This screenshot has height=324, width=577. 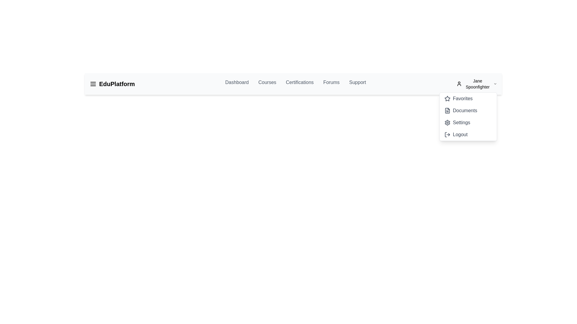 I want to click on the five-point star icon with a hollow center and dark outline located in the dropdown menu under the profile section, so click(x=447, y=98).